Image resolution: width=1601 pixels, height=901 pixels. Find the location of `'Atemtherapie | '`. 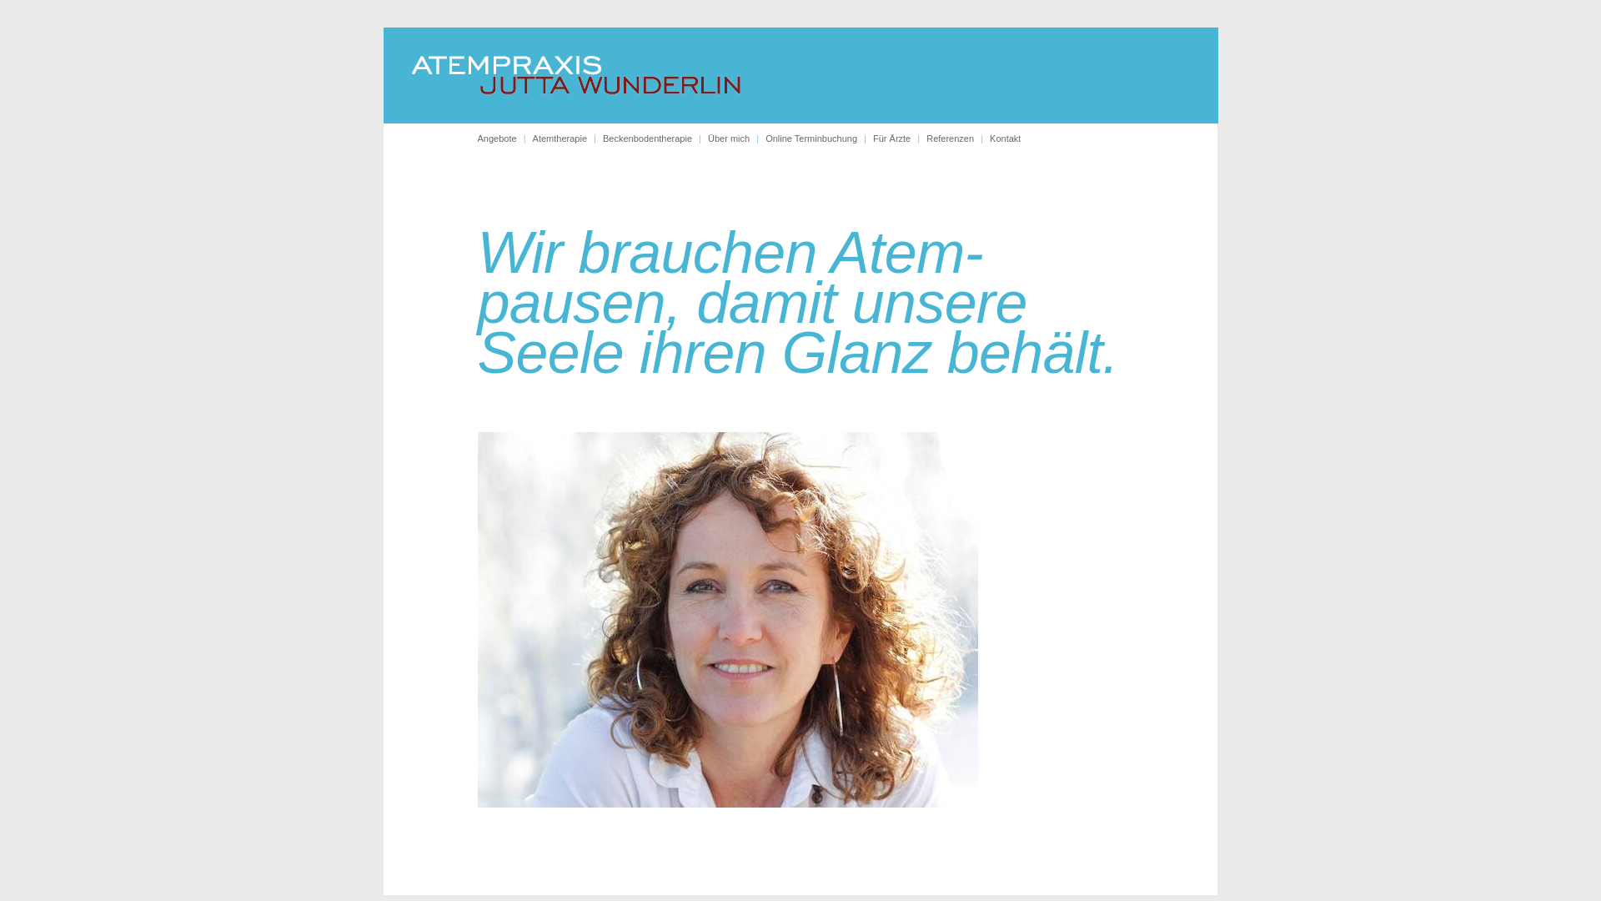

'Atemtherapie | ' is located at coordinates (568, 137).